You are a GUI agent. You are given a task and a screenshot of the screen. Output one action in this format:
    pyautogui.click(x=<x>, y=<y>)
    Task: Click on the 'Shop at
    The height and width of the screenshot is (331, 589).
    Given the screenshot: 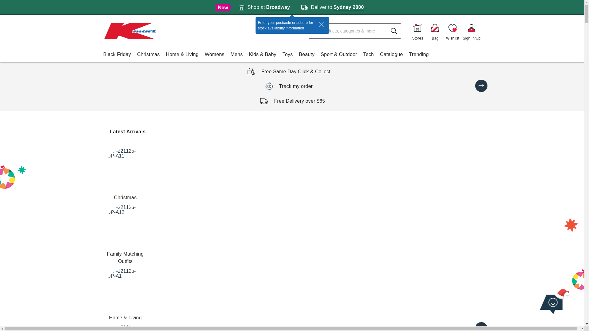 What is the action you would take?
    pyautogui.click(x=264, y=7)
    